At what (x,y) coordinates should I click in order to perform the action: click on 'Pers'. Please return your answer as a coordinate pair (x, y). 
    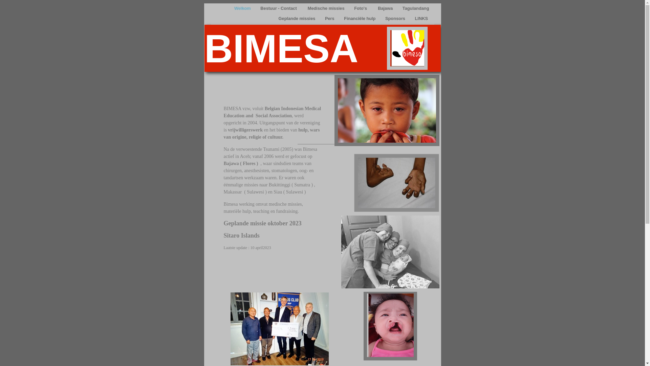
    Looking at the image, I should click on (330, 18).